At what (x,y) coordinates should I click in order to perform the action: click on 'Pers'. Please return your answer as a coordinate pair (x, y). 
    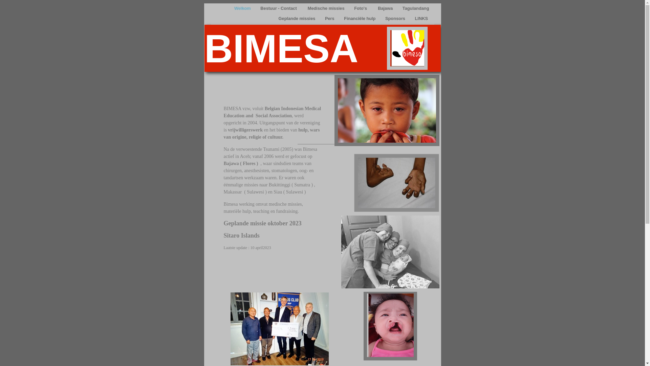
    Looking at the image, I should click on (330, 18).